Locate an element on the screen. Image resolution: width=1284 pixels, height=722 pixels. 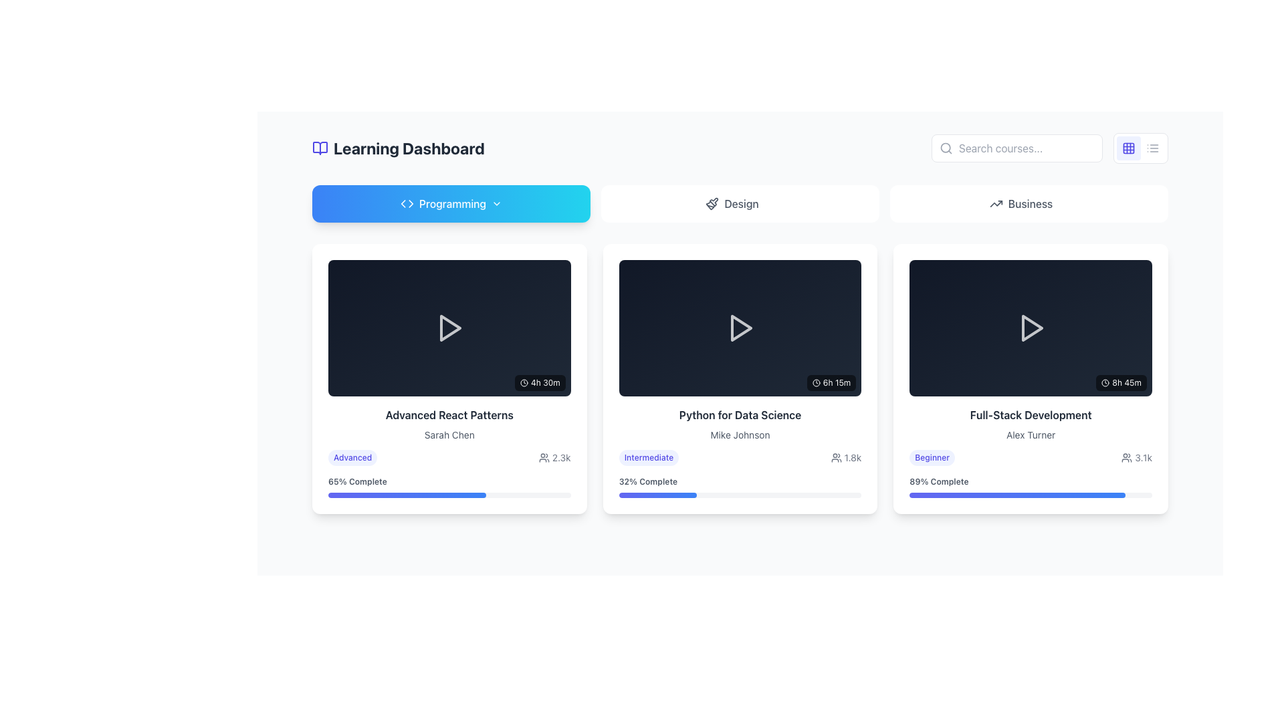
the toggle button located in the top-right corner of the interface to switch to a list-view layout is located at coordinates (1152, 148).